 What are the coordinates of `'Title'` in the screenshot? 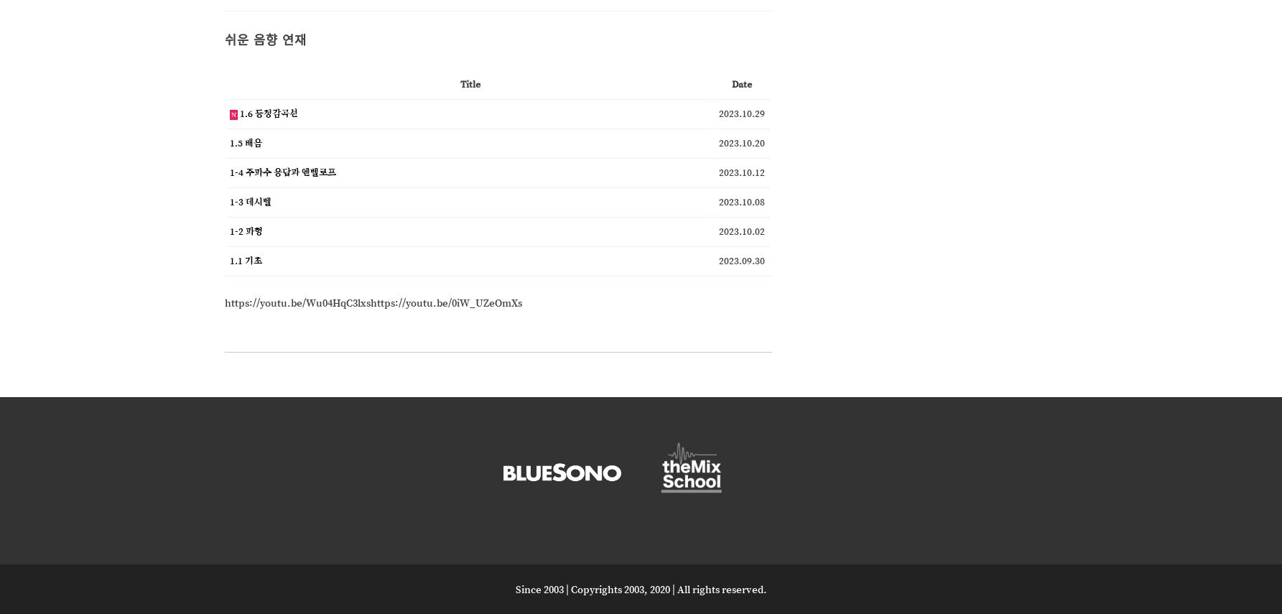 It's located at (459, 83).